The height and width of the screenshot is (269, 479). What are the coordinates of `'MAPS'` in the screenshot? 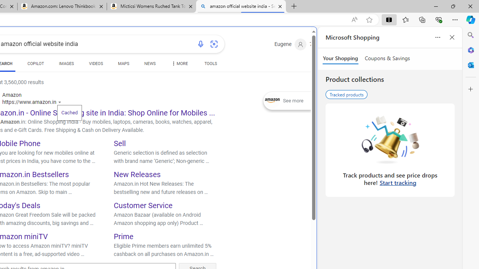 It's located at (123, 64).